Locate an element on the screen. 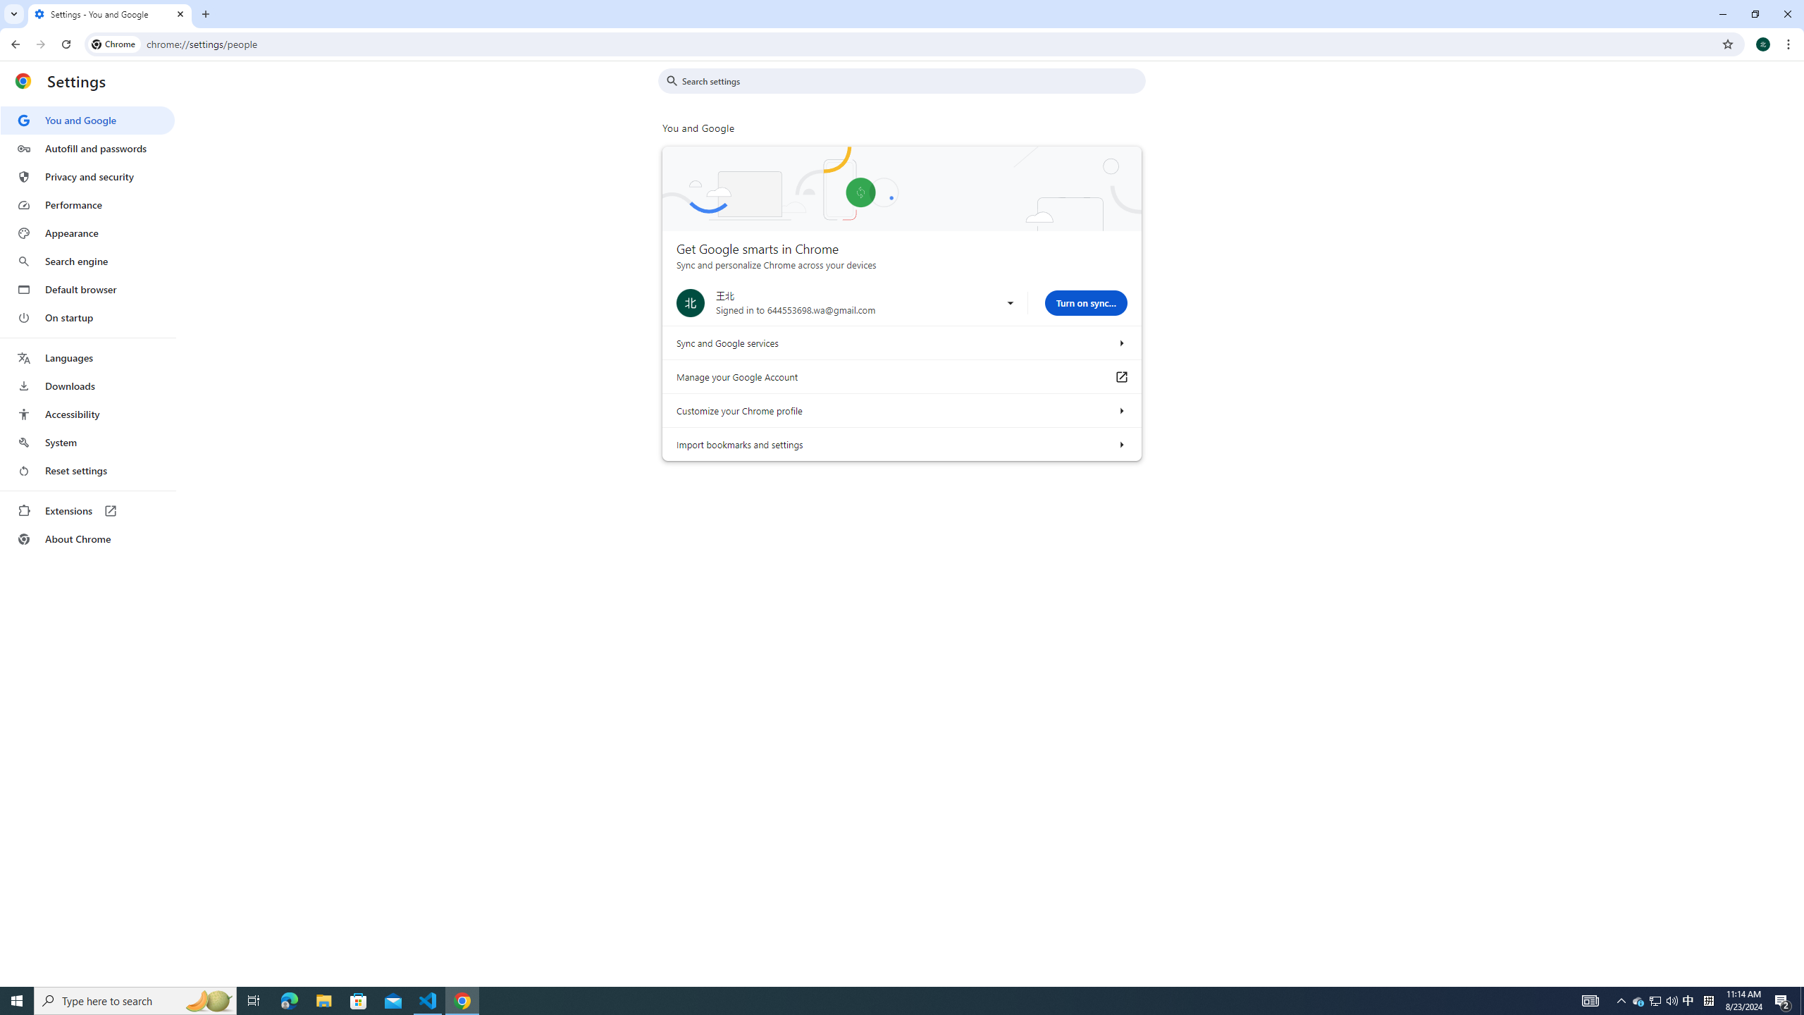 The image size is (1804, 1015). 'You and Google' is located at coordinates (87, 121).